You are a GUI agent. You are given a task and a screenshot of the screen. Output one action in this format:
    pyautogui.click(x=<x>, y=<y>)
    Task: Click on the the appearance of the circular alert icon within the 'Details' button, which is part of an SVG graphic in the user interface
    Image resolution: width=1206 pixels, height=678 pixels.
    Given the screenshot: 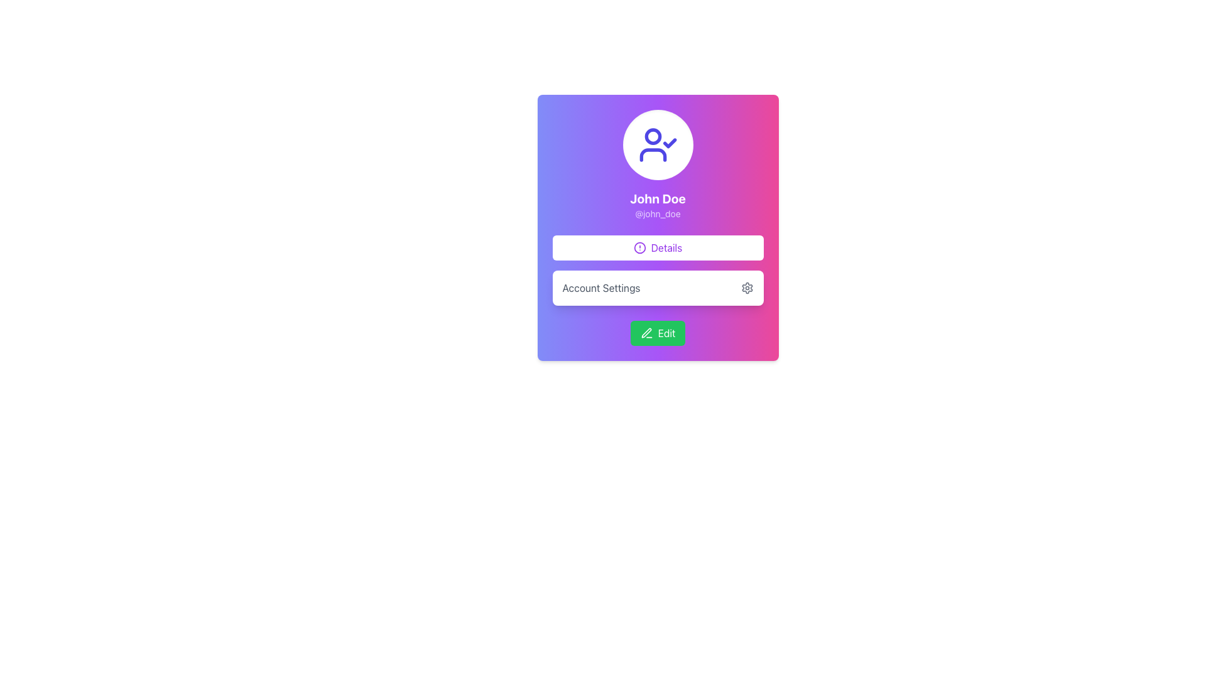 What is the action you would take?
    pyautogui.click(x=639, y=247)
    